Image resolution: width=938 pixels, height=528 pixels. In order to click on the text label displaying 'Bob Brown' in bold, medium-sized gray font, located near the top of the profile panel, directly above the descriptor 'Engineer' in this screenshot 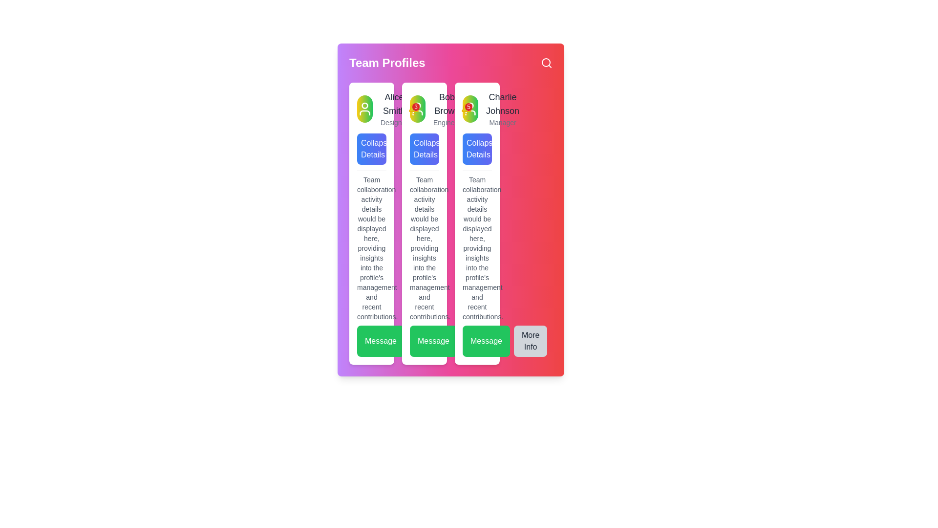, I will do `click(447, 104)`.